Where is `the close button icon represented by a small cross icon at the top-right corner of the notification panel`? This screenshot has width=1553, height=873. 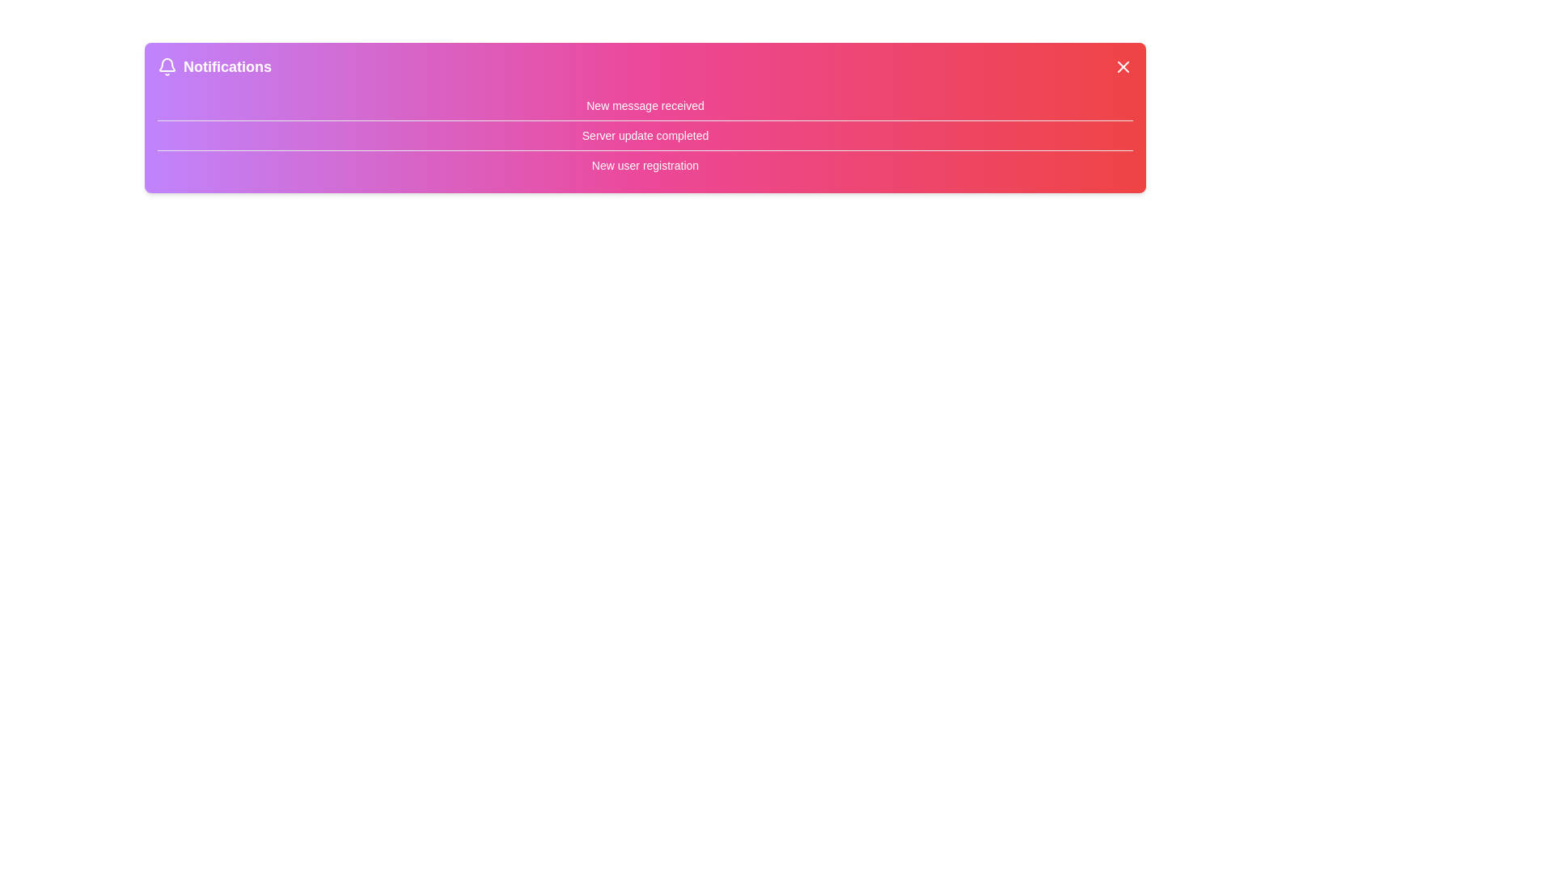
the close button icon represented by a small cross icon at the top-right corner of the notification panel is located at coordinates (1122, 66).